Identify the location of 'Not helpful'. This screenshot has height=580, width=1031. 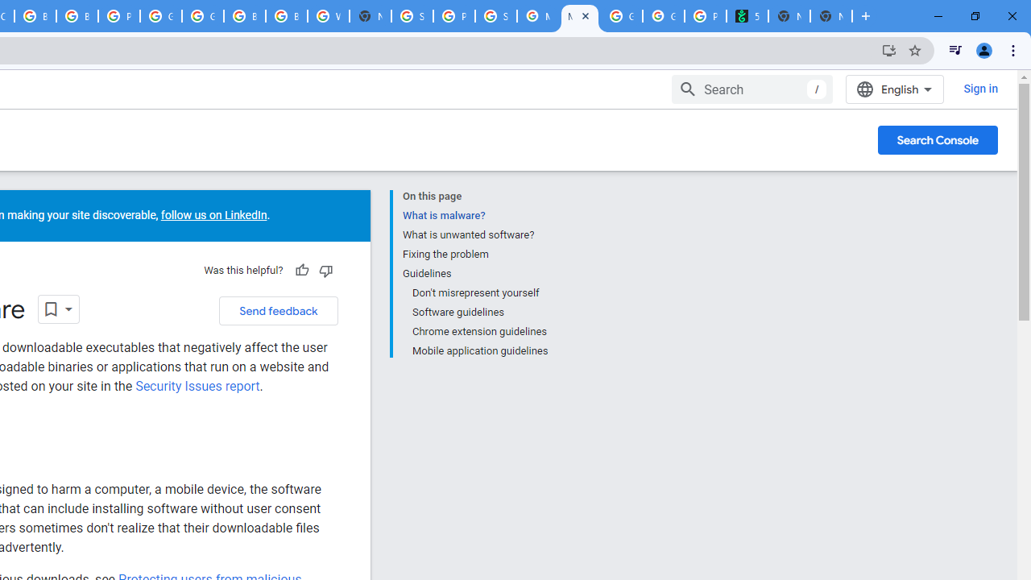
(325, 270).